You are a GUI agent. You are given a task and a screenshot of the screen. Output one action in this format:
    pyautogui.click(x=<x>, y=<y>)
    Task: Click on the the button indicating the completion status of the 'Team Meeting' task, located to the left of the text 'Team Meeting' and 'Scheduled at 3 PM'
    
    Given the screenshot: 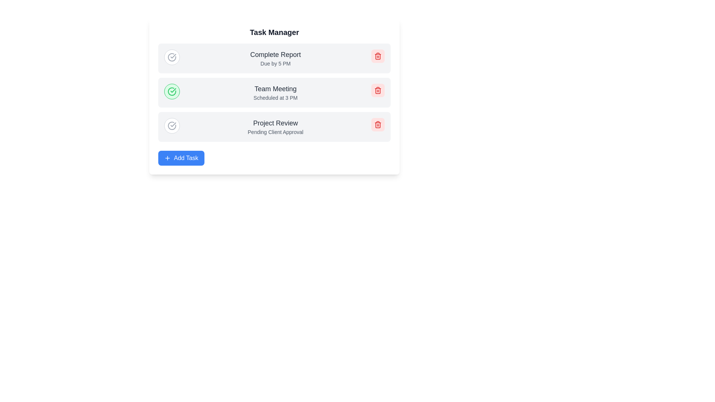 What is the action you would take?
    pyautogui.click(x=171, y=91)
    